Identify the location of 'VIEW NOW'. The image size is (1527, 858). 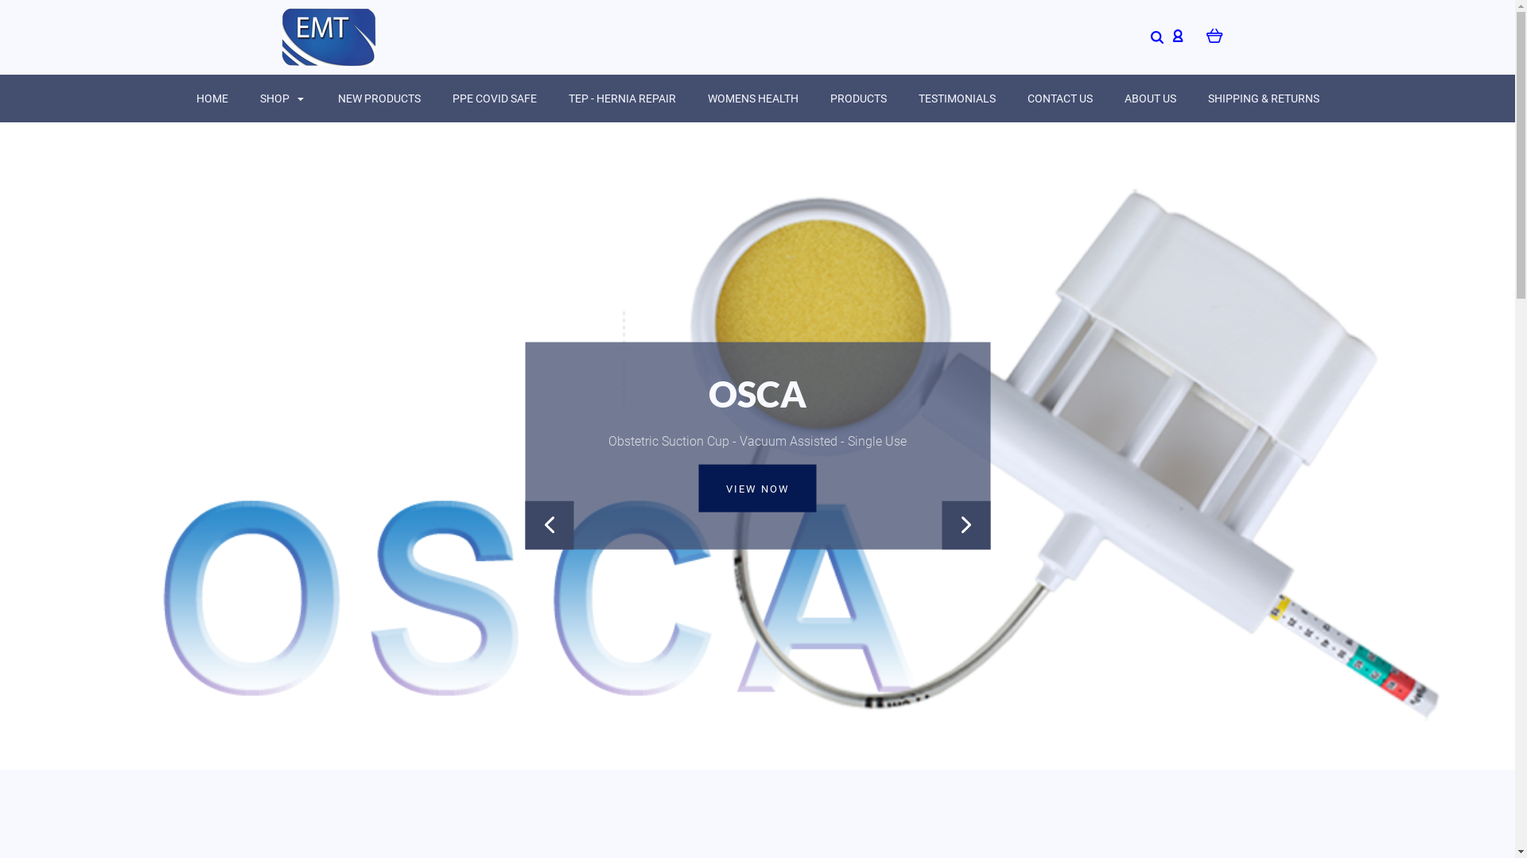
(756, 489).